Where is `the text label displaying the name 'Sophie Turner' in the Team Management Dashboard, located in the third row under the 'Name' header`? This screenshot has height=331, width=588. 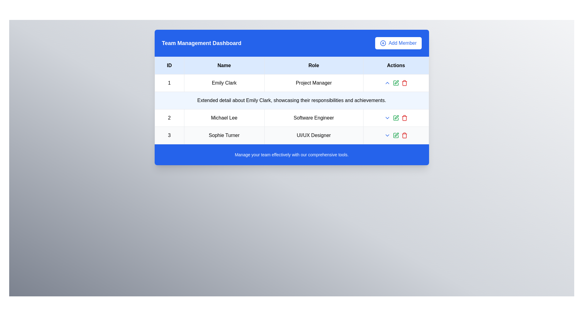 the text label displaying the name 'Sophie Turner' in the Team Management Dashboard, located in the third row under the 'Name' header is located at coordinates (224, 135).